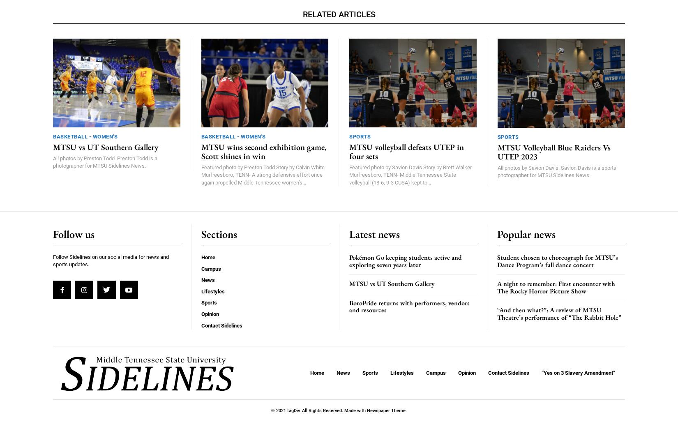 This screenshot has width=678, height=422. What do you see at coordinates (556, 171) in the screenshot?
I see `'All photos by Savion Davis.





























































Savion Davis is a sports photographer for MTSU Sidelines News.'` at bounding box center [556, 171].